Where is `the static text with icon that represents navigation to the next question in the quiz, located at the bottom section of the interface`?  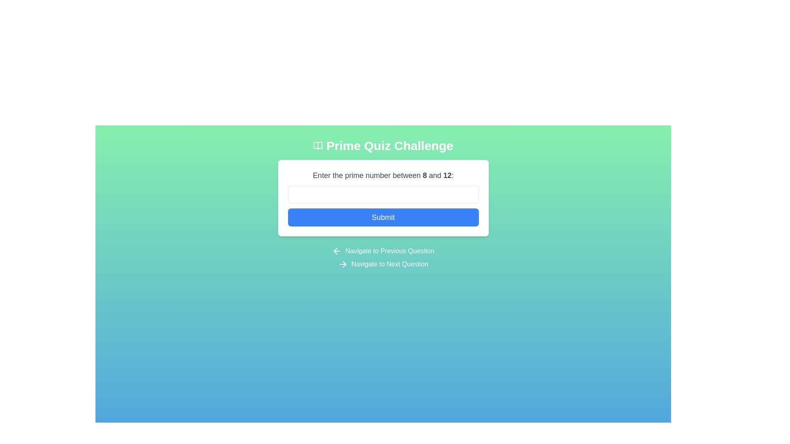
the static text with icon that represents navigation to the next question in the quiz, located at the bottom section of the interface is located at coordinates (383, 264).